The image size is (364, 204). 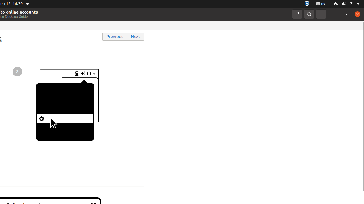 What do you see at coordinates (334, 14) in the screenshot?
I see `'Minimize'` at bounding box center [334, 14].